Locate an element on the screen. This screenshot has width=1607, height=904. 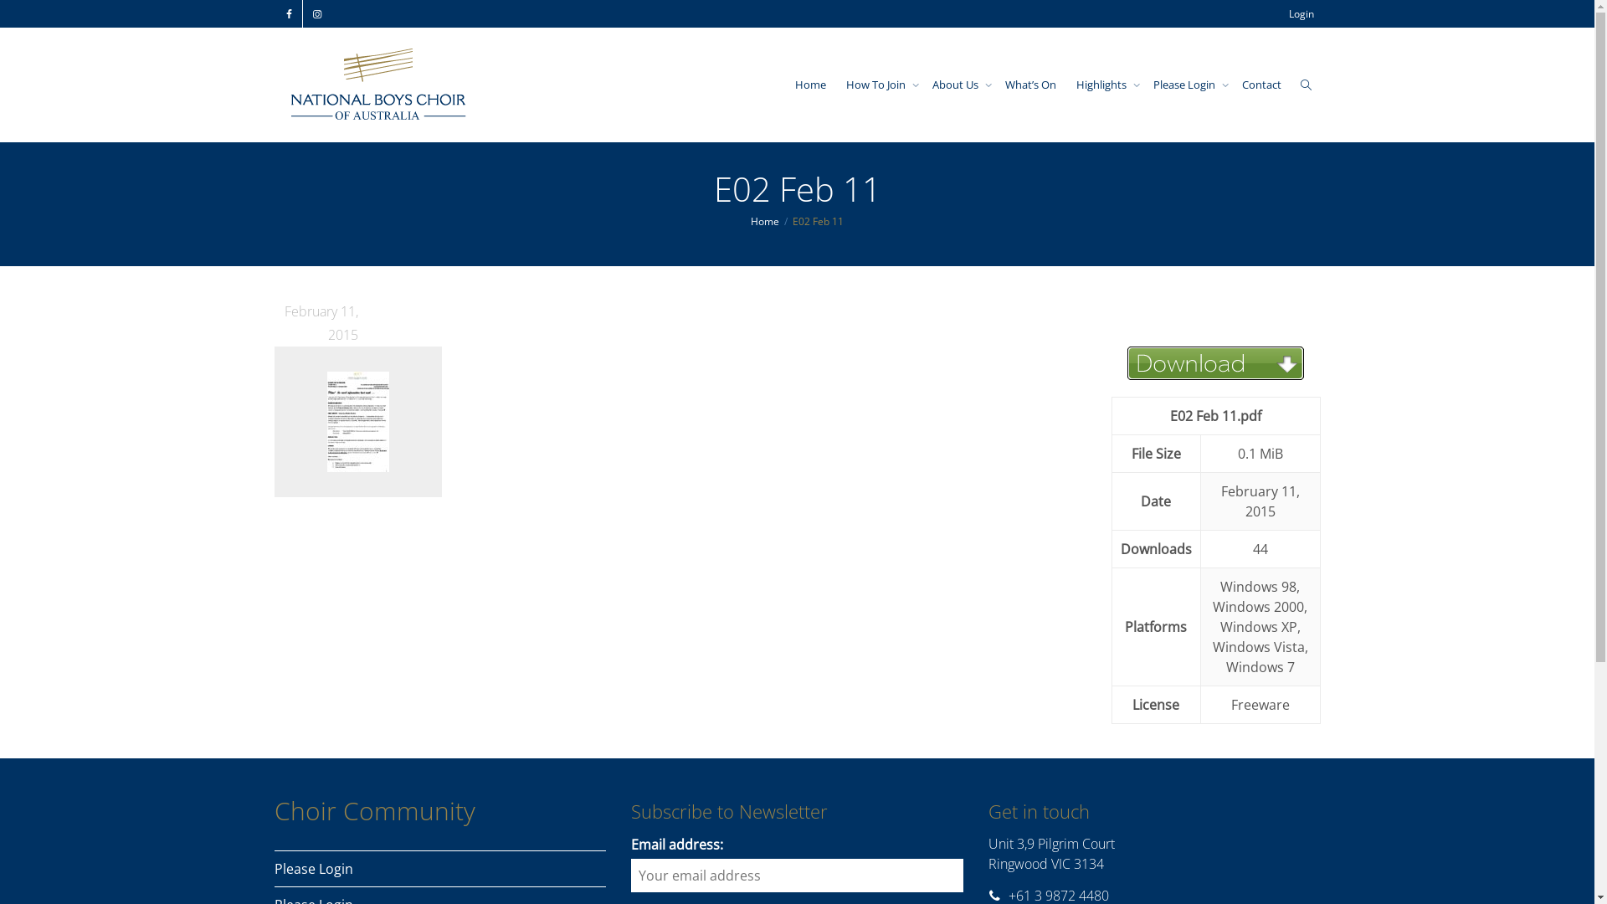
'Home' is located at coordinates (810, 85).